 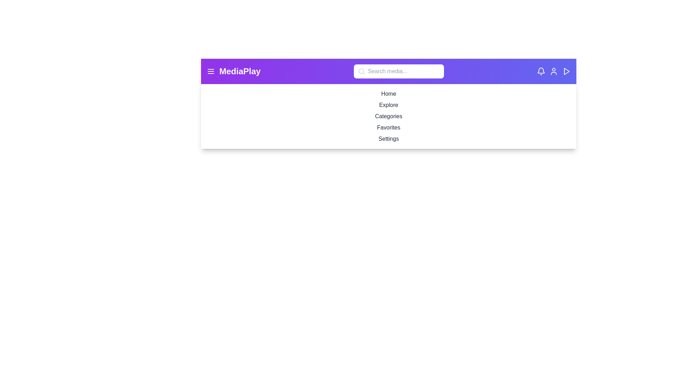 What do you see at coordinates (240, 71) in the screenshot?
I see `the branding text label located in the top-left part of the header section, to the right of the menu icon represented by three horizontal bars` at bounding box center [240, 71].